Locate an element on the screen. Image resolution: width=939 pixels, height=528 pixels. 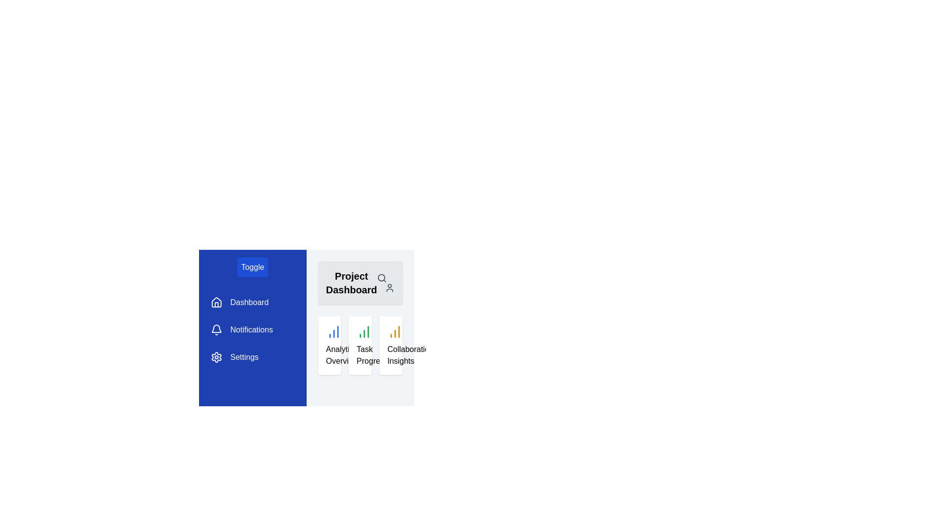
the user icon, which is the second icon in the top-right group of icons on the project dashboard is located at coordinates (389, 287).